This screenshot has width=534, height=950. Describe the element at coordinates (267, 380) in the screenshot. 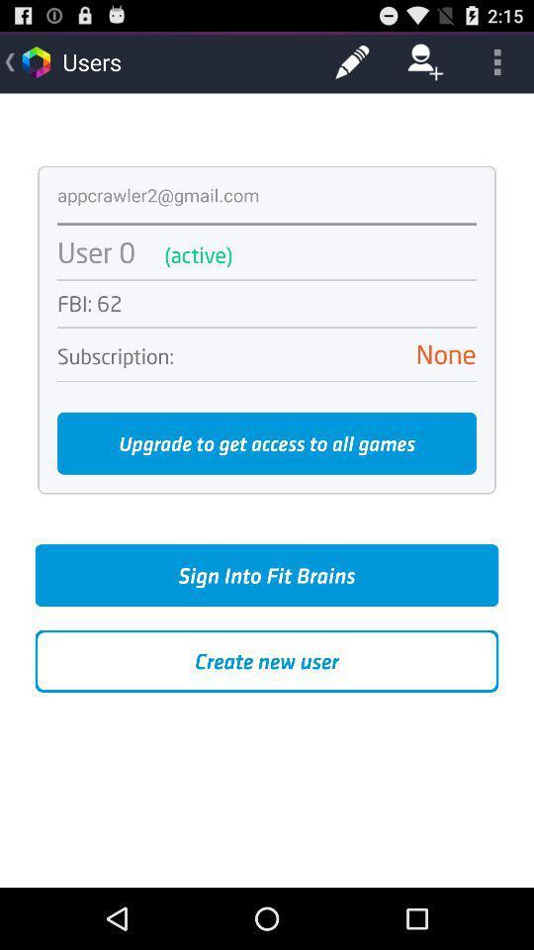

I see `the app below none icon` at that location.